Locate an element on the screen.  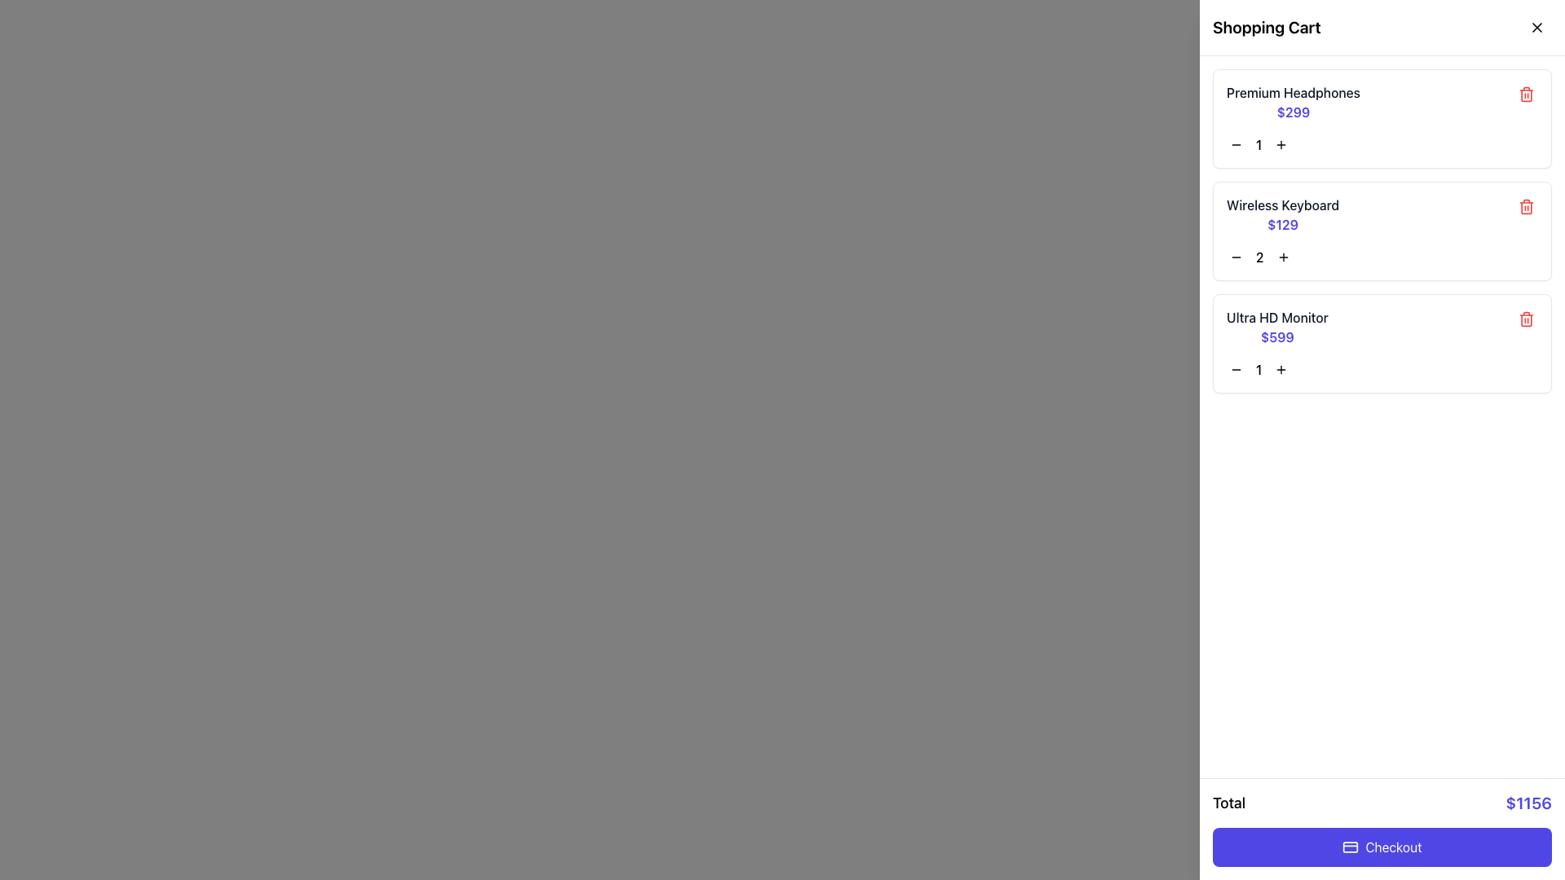
the button to remove the 'Wireless Keyboard' from the shopping cart, located to the far right of its section next to the price and quantity controls is located at coordinates (1525, 206).